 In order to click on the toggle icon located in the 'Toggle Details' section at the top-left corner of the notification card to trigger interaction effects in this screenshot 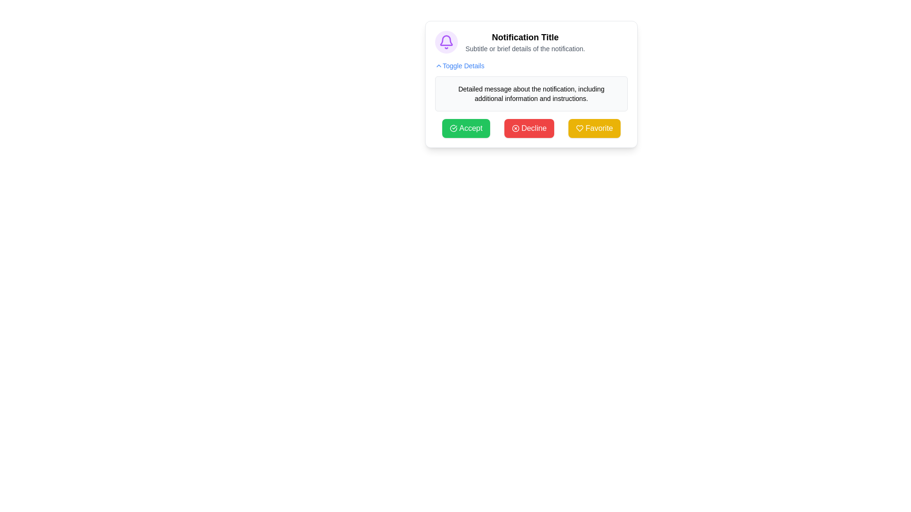, I will do `click(438, 65)`.